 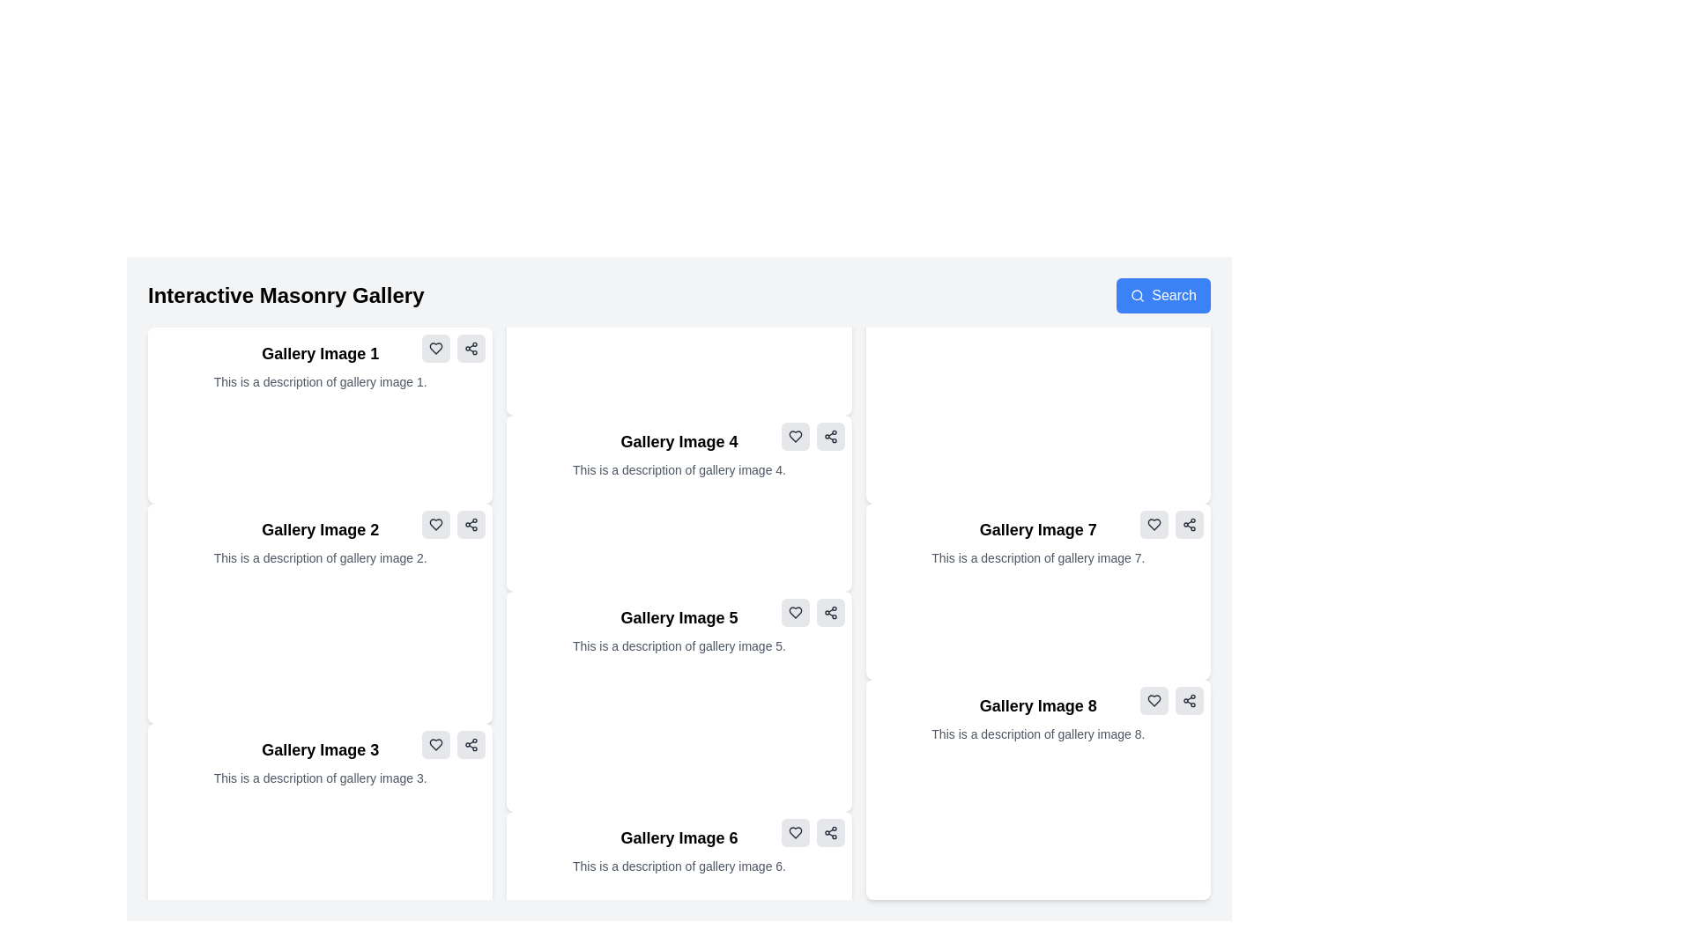 What do you see at coordinates (1189, 524) in the screenshot?
I see `the share button, which is a rounded rectangle with a share icon inside, located in the top-right corner of the card labeled 'Gallery Image 7'` at bounding box center [1189, 524].